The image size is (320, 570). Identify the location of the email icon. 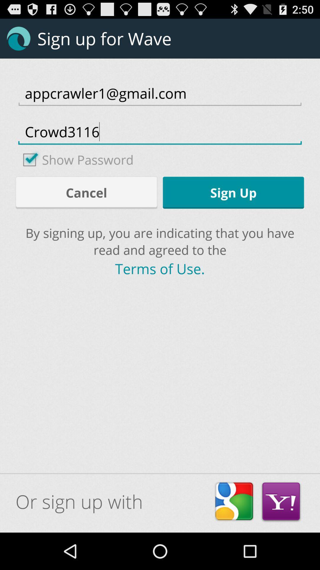
(281, 536).